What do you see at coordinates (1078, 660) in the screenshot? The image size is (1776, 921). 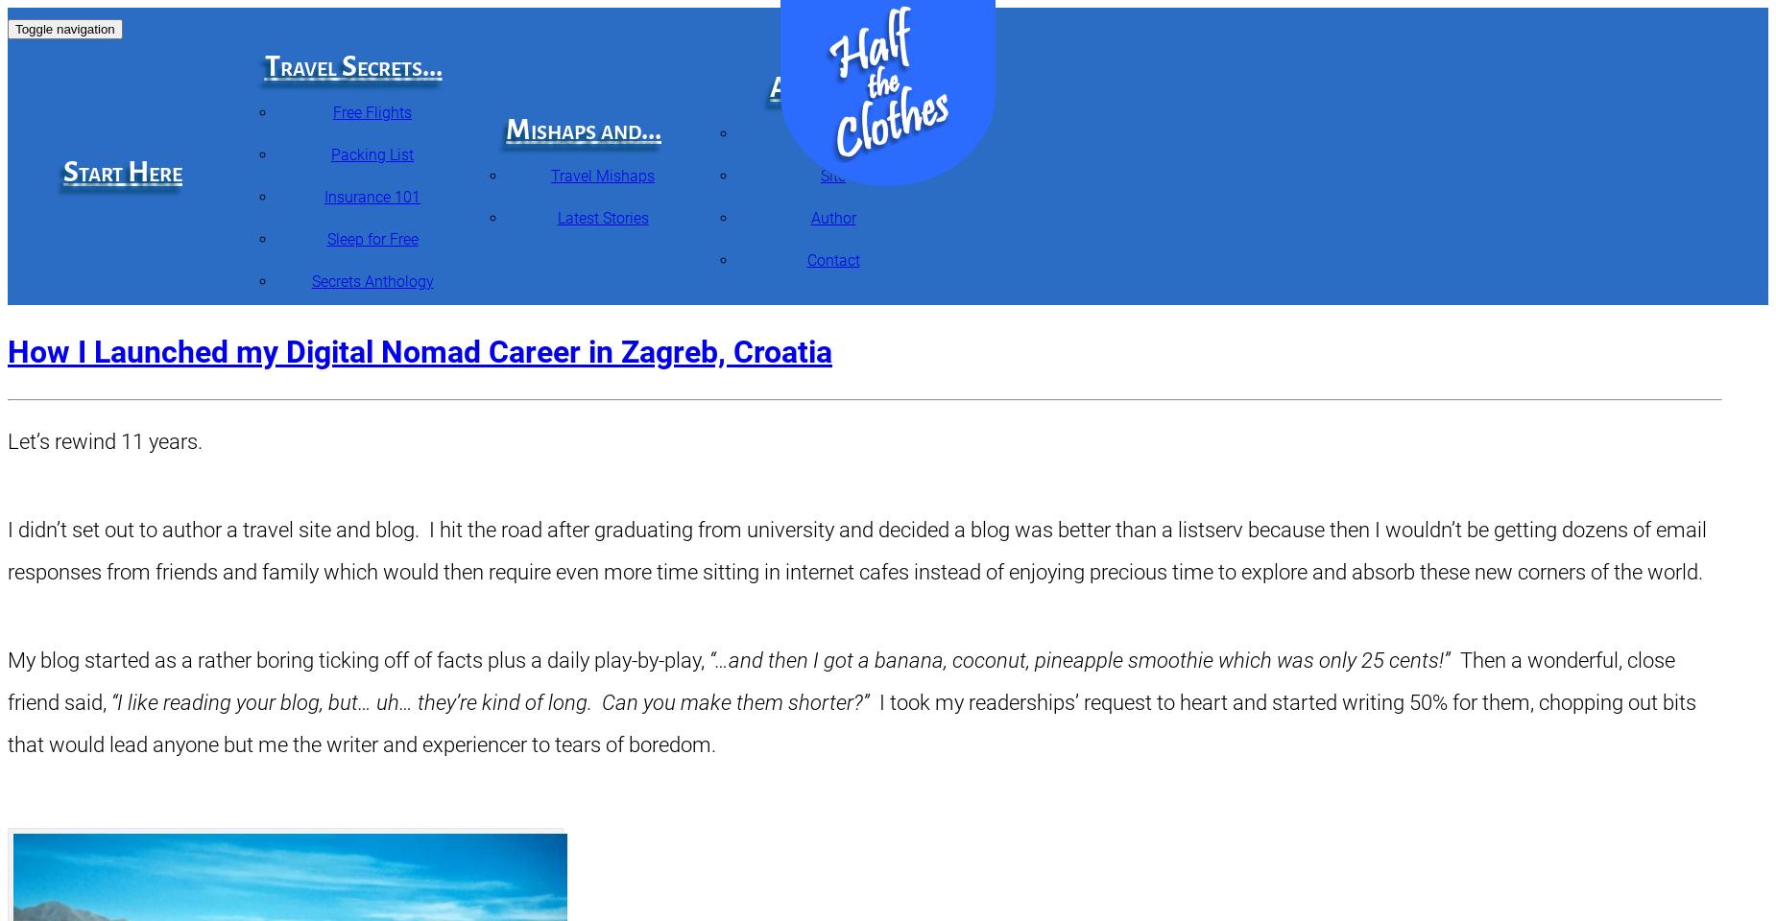 I see `'“…and then I got a banana, coconut, pineapple smoothie which was only 25 cents!”'` at bounding box center [1078, 660].